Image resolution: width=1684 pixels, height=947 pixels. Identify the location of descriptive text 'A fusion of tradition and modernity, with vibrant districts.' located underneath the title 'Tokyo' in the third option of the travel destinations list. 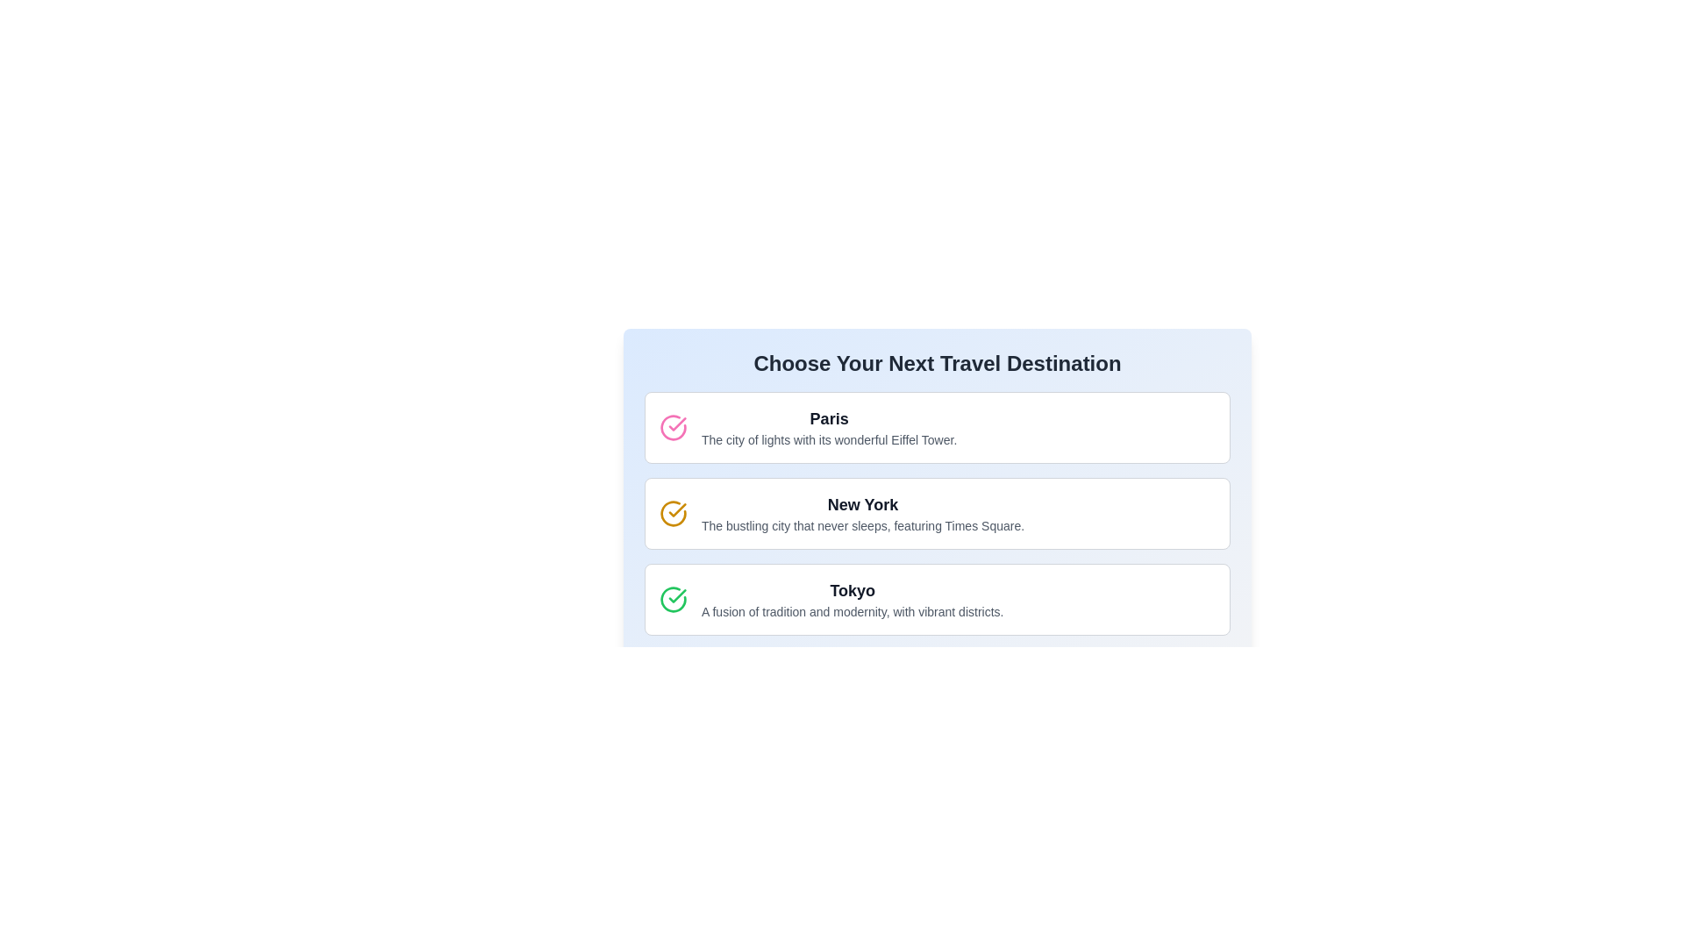
(853, 611).